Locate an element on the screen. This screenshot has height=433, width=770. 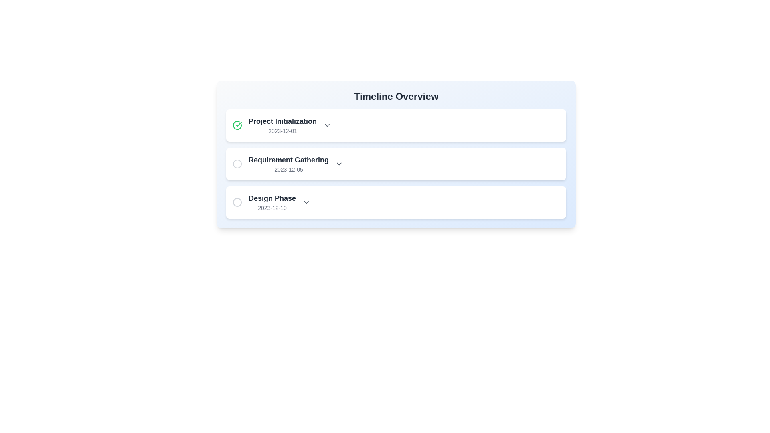
the timeline stage item labeled 'Requirement Gathering' in the 'Timeline Overview' is located at coordinates (396, 163).